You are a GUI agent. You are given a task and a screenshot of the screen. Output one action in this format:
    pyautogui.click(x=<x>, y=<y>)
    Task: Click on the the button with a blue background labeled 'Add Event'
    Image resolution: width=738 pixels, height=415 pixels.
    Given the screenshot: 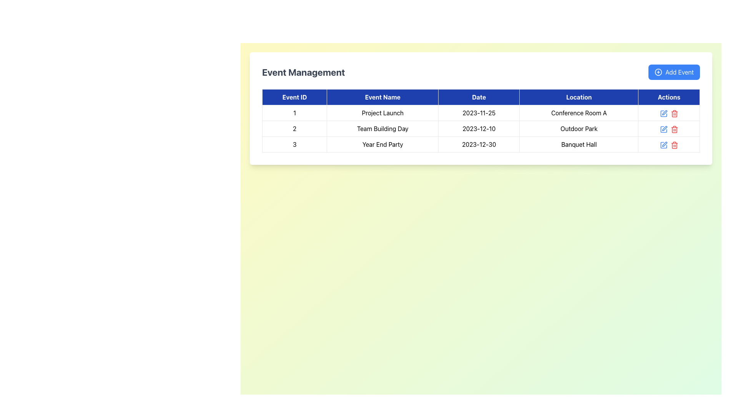 What is the action you would take?
    pyautogui.click(x=674, y=72)
    